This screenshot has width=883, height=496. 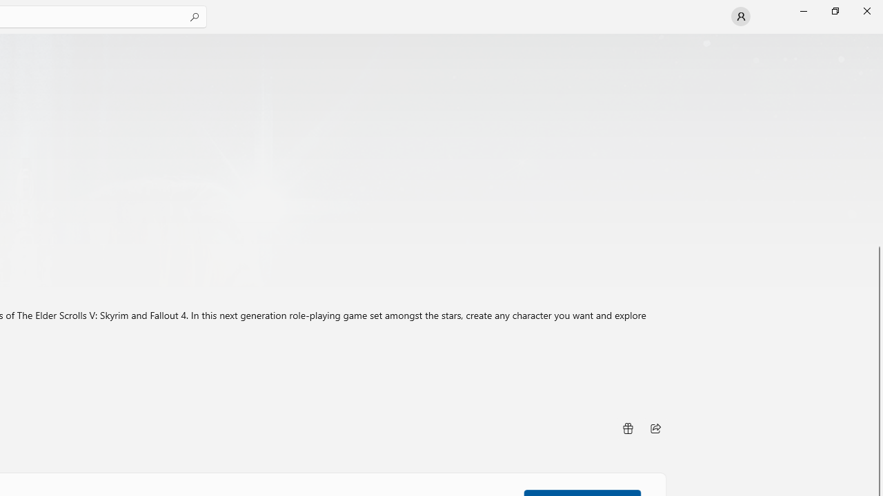 What do you see at coordinates (655, 428) in the screenshot?
I see `'Share'` at bounding box center [655, 428].